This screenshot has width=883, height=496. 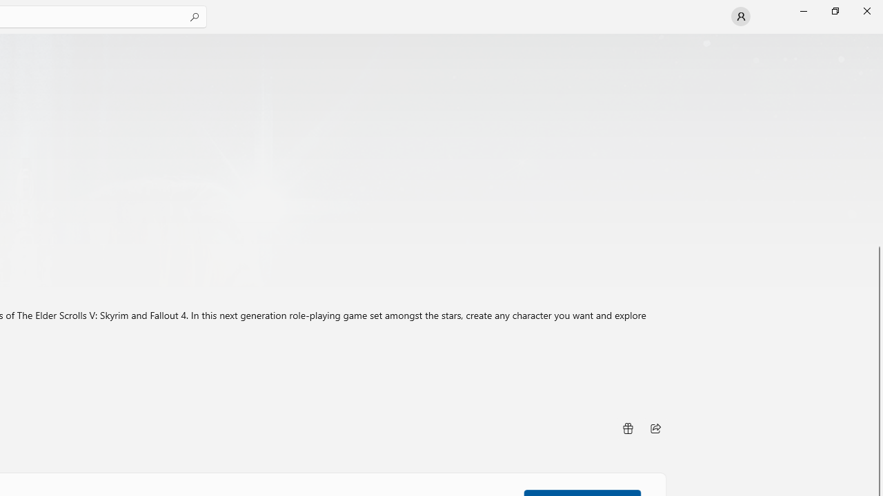 What do you see at coordinates (655, 428) in the screenshot?
I see `'Share'` at bounding box center [655, 428].